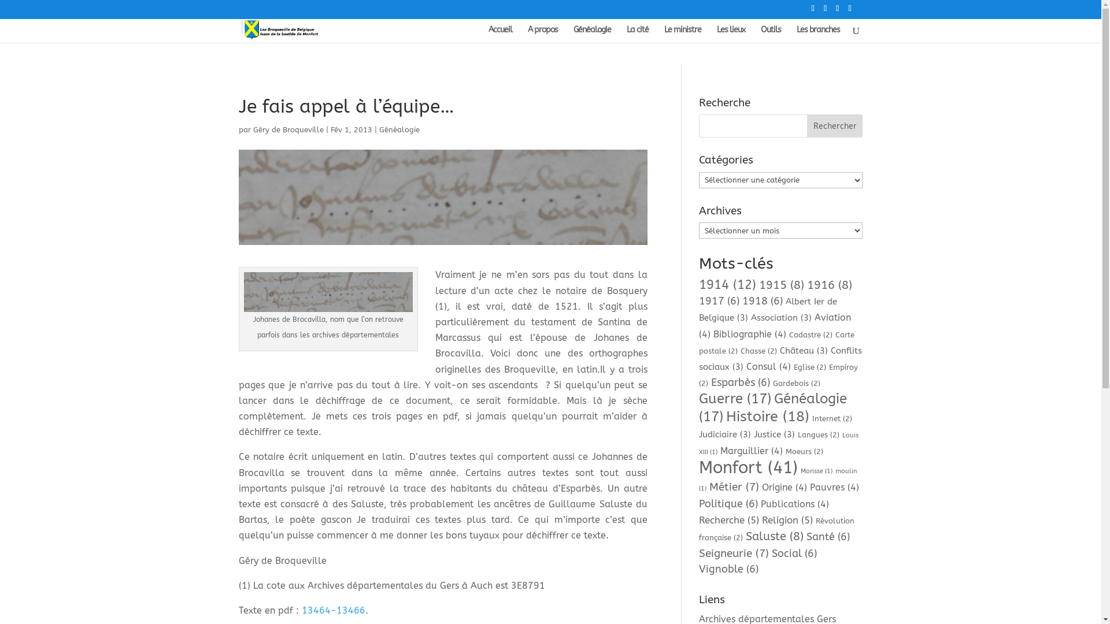 The height and width of the screenshot is (624, 1110). I want to click on '1918 (6)', so click(763, 300).